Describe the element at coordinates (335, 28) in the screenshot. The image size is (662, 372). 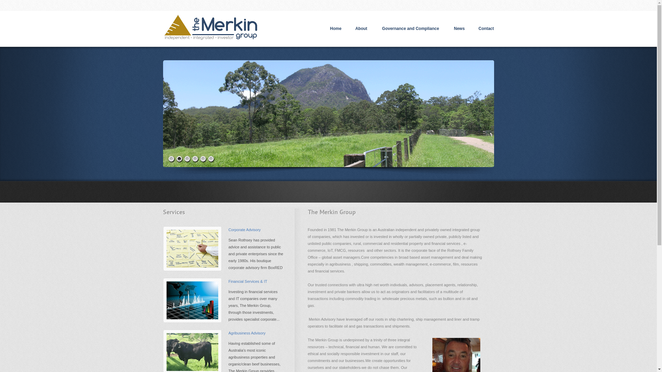
I see `'Home'` at that location.